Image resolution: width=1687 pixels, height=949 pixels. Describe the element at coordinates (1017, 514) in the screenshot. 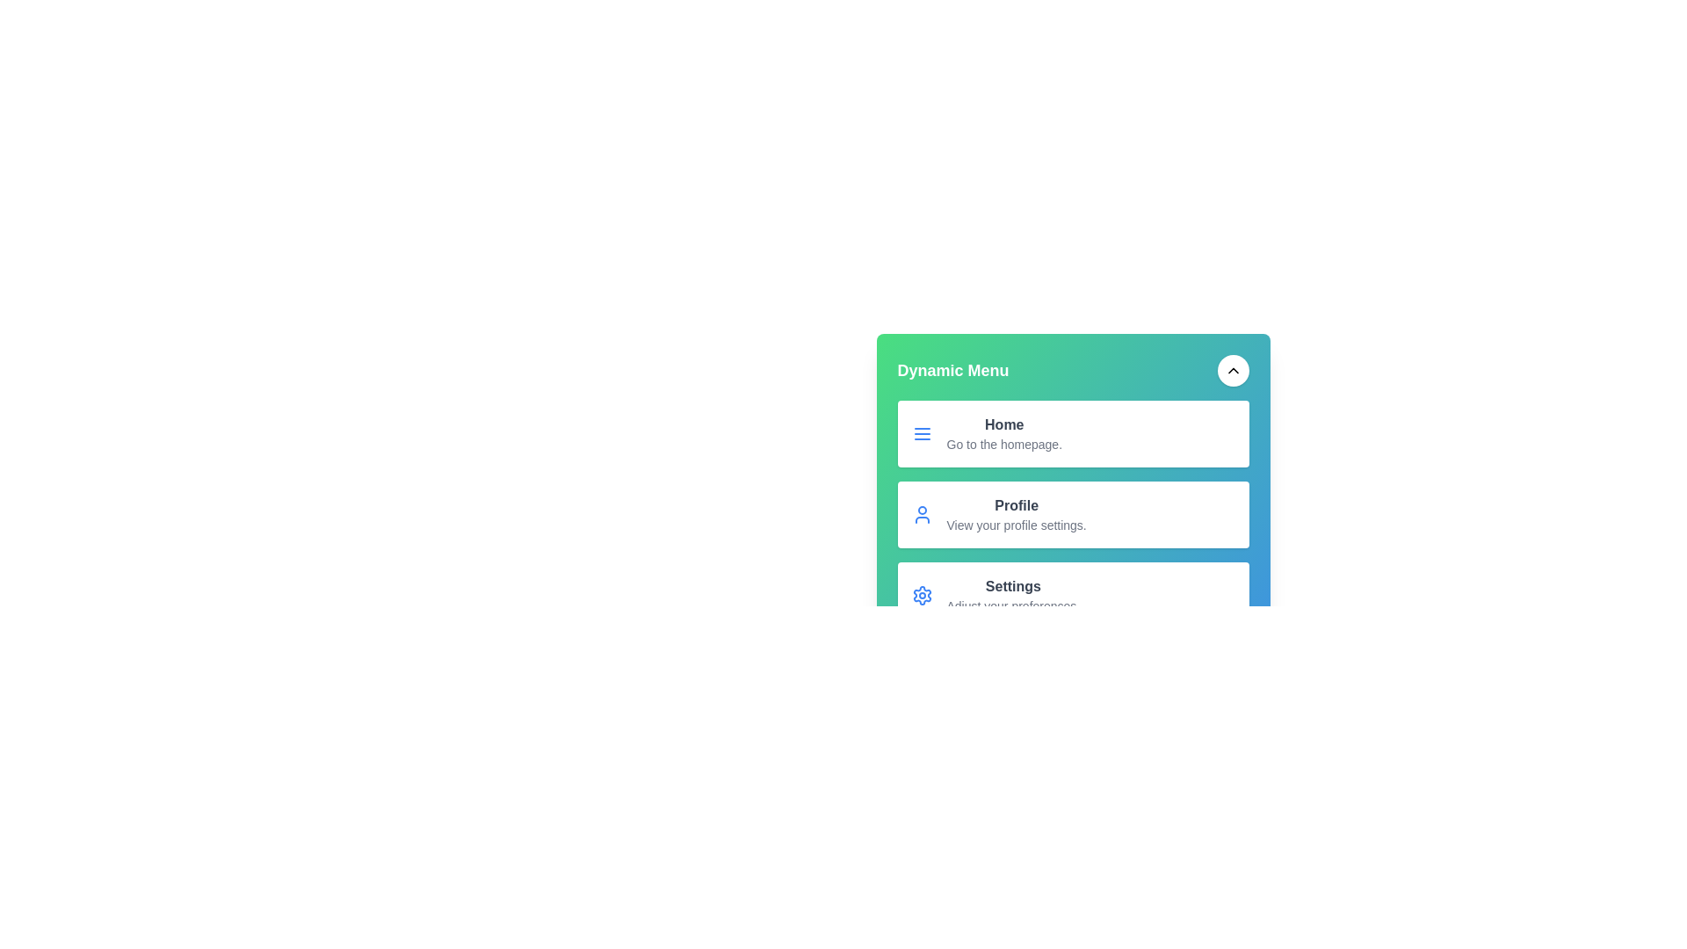

I see `label text 'Profile' and its description 'View your profile settings.' which is the second item in the vertical menu structure, located beneath 'Home' and above 'Settings'` at that location.